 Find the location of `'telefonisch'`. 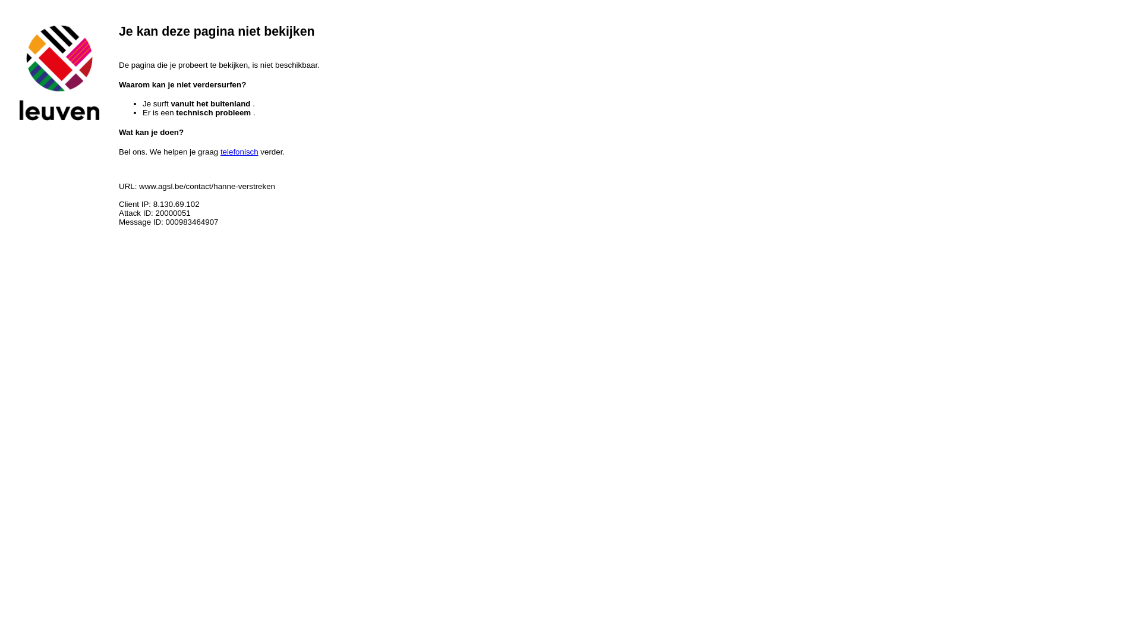

'telefonisch' is located at coordinates (239, 151).